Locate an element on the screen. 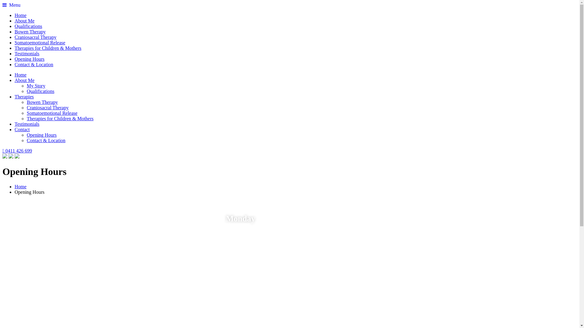 The image size is (584, 328). 'My Story' is located at coordinates (36, 86).